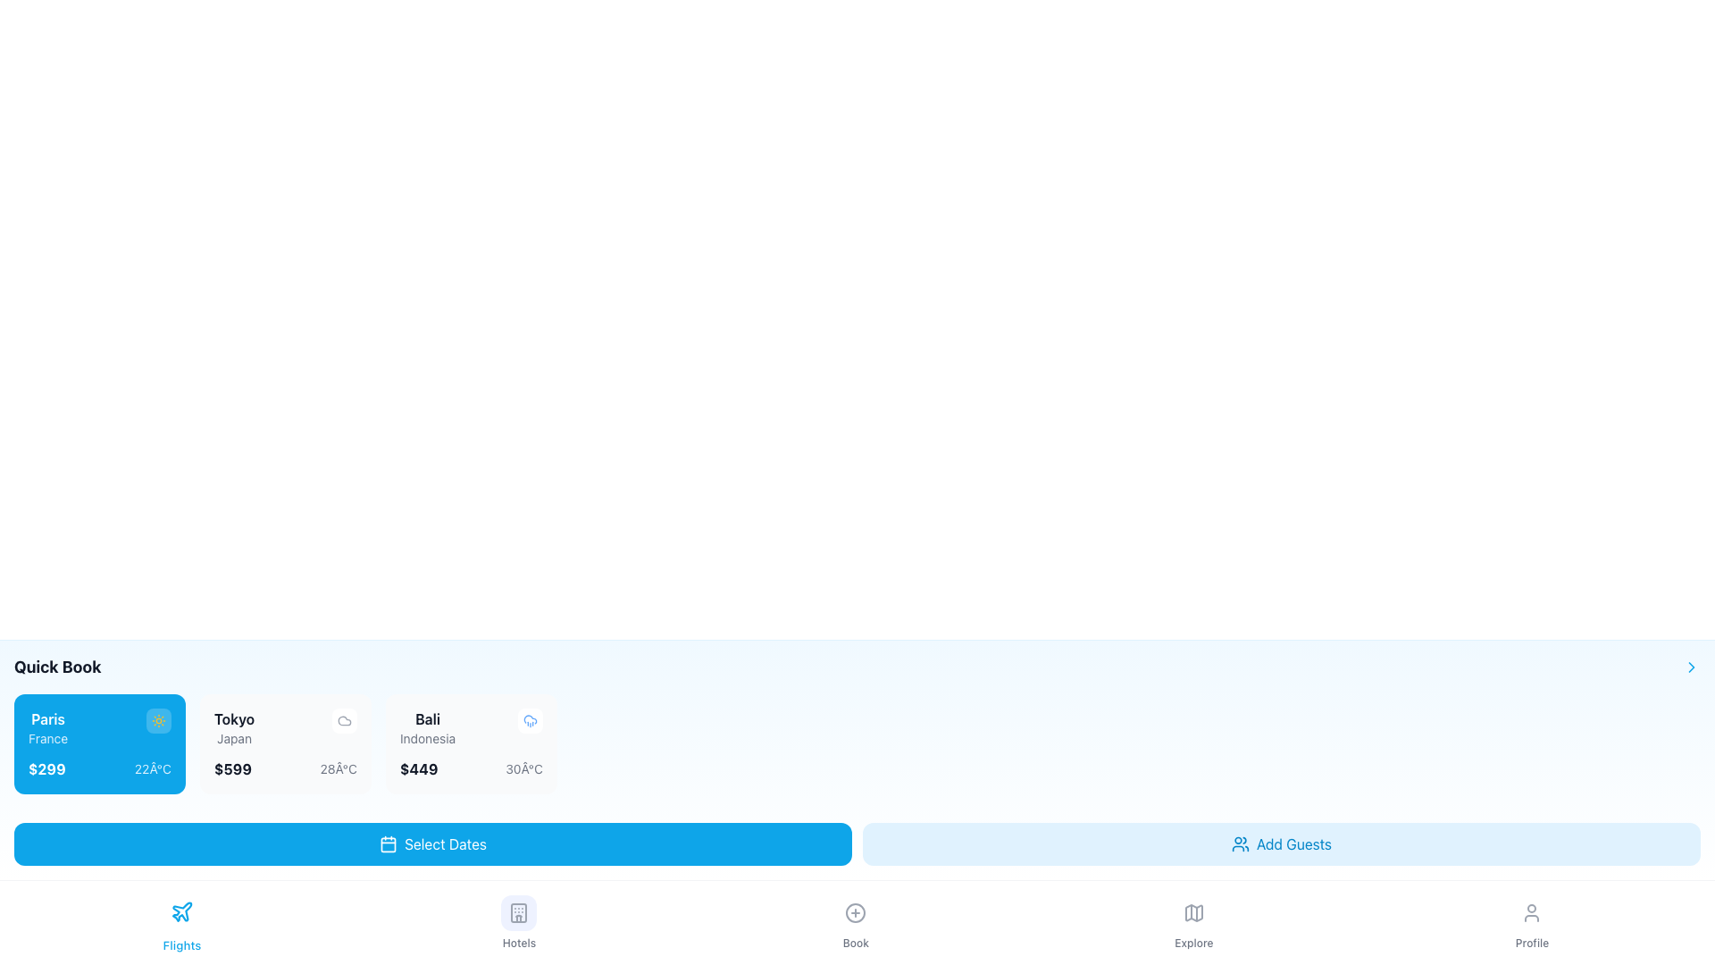 The width and height of the screenshot is (1715, 965). I want to click on the Text label displaying 'Japan' in gray color, located directly below 'Tokyo' in the 'Quick Book' section, so click(233, 738).